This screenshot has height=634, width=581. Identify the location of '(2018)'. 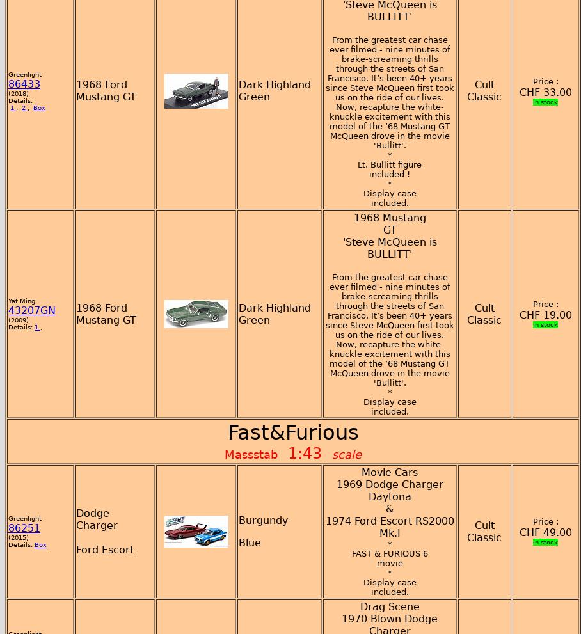
(17, 93).